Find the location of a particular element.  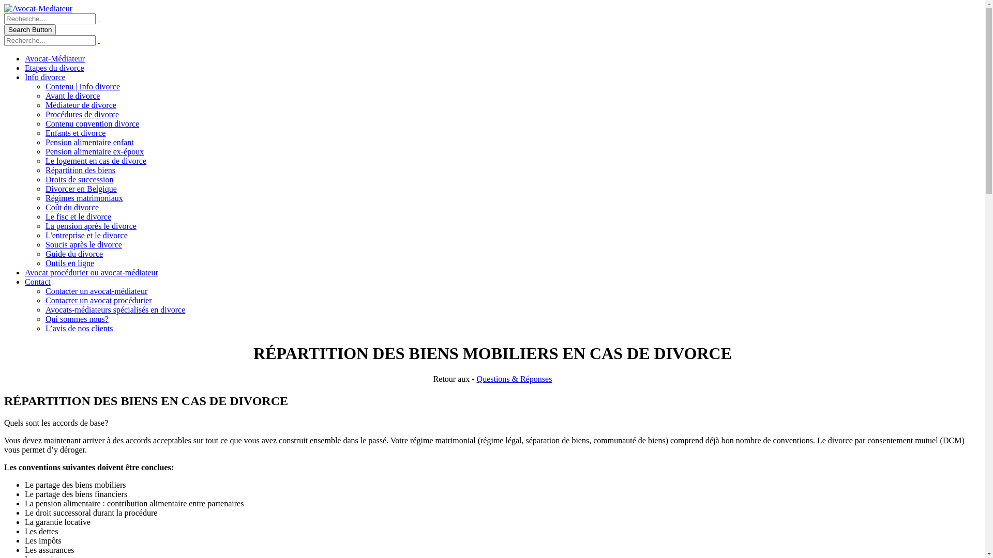

'Avocat-Mediateur' is located at coordinates (38, 8).